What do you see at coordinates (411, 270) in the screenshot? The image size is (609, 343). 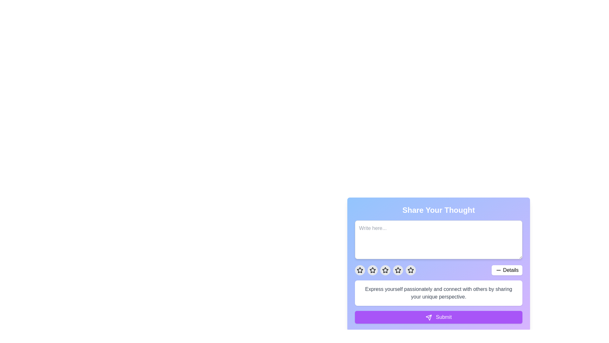 I see `the fifth star icon in the rating component located at the bottom-right section of the interface` at bounding box center [411, 270].